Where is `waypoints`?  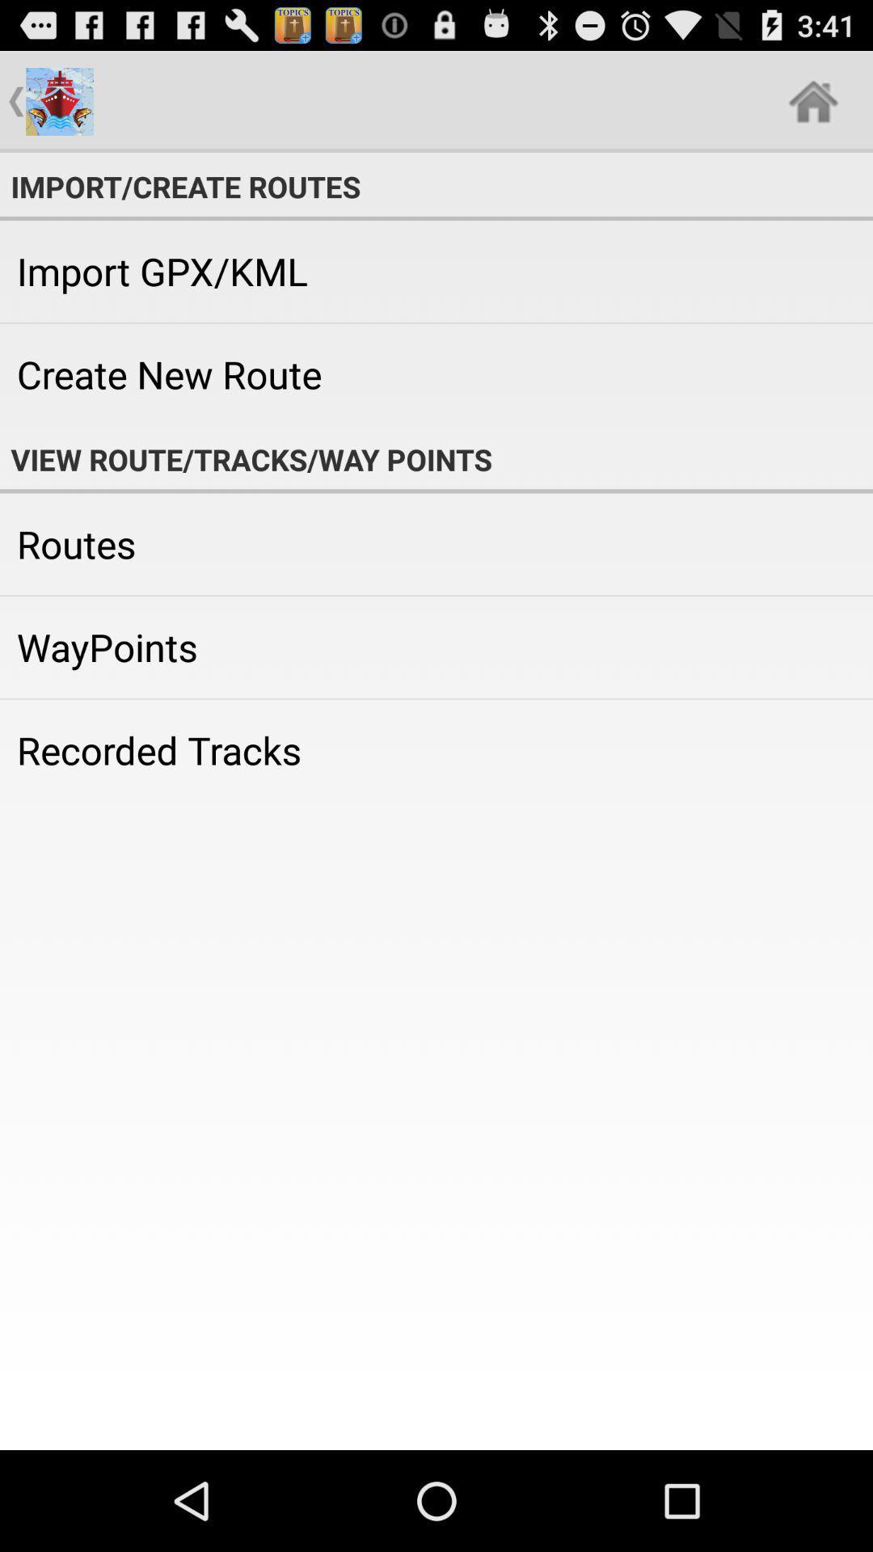 waypoints is located at coordinates (436, 647).